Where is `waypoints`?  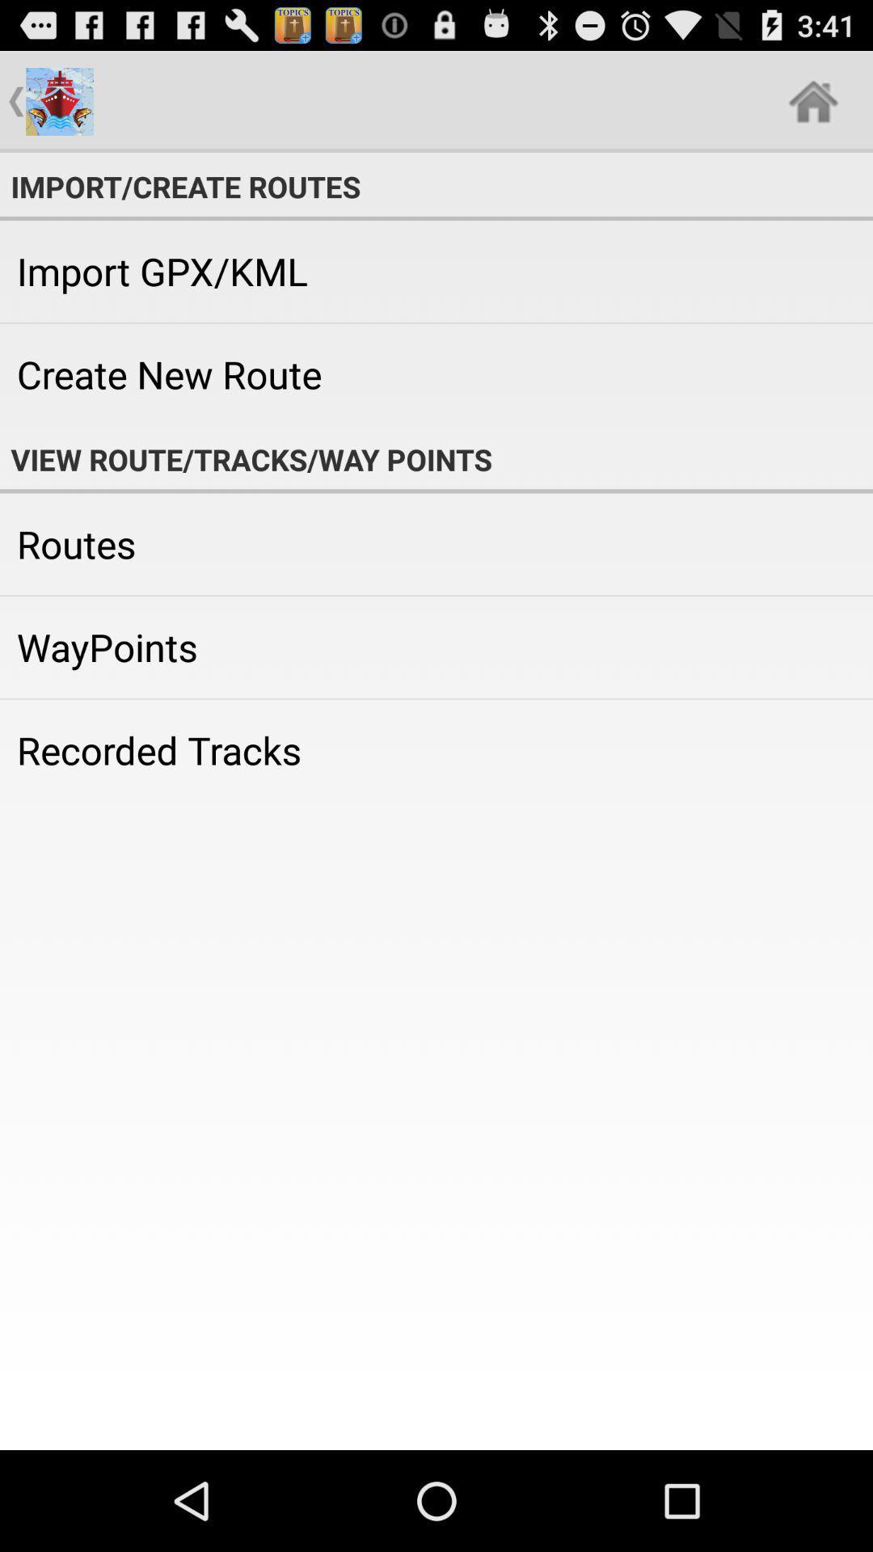 waypoints is located at coordinates (436, 647).